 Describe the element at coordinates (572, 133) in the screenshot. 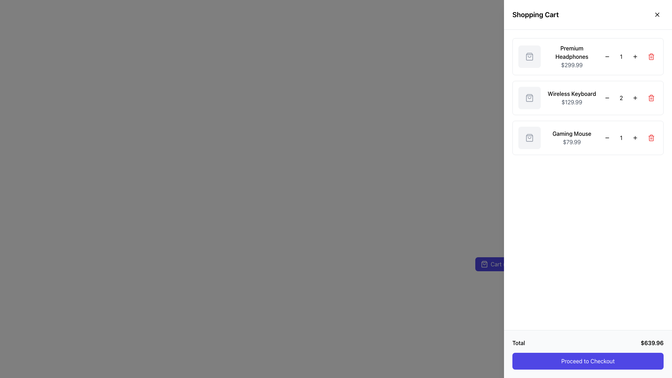

I see `the label specifying the item's name 'Gaming Mouse' in the shopping cart, which is located in the third row adjacent to the price '$79.99'` at that location.